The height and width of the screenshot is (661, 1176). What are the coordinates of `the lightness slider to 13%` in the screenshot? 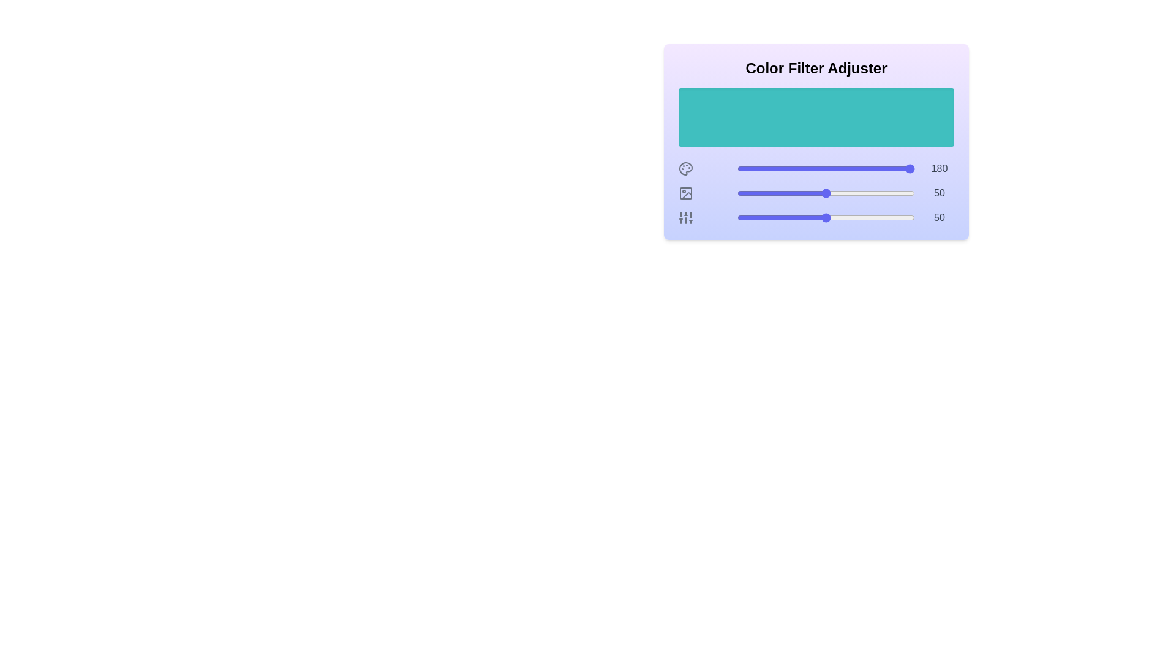 It's located at (759, 193).